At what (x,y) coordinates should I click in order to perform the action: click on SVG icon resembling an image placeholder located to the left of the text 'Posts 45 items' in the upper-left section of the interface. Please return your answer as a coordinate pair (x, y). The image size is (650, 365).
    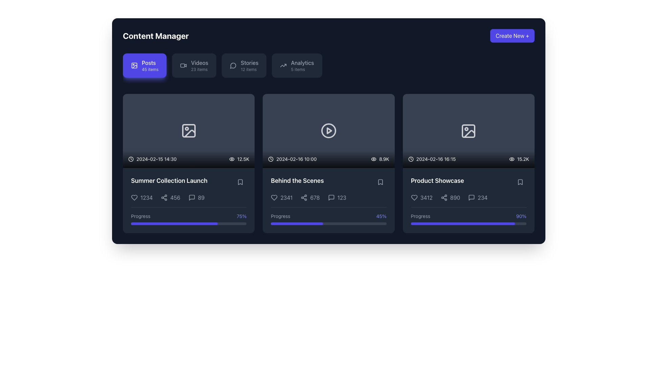
    Looking at the image, I should click on (134, 65).